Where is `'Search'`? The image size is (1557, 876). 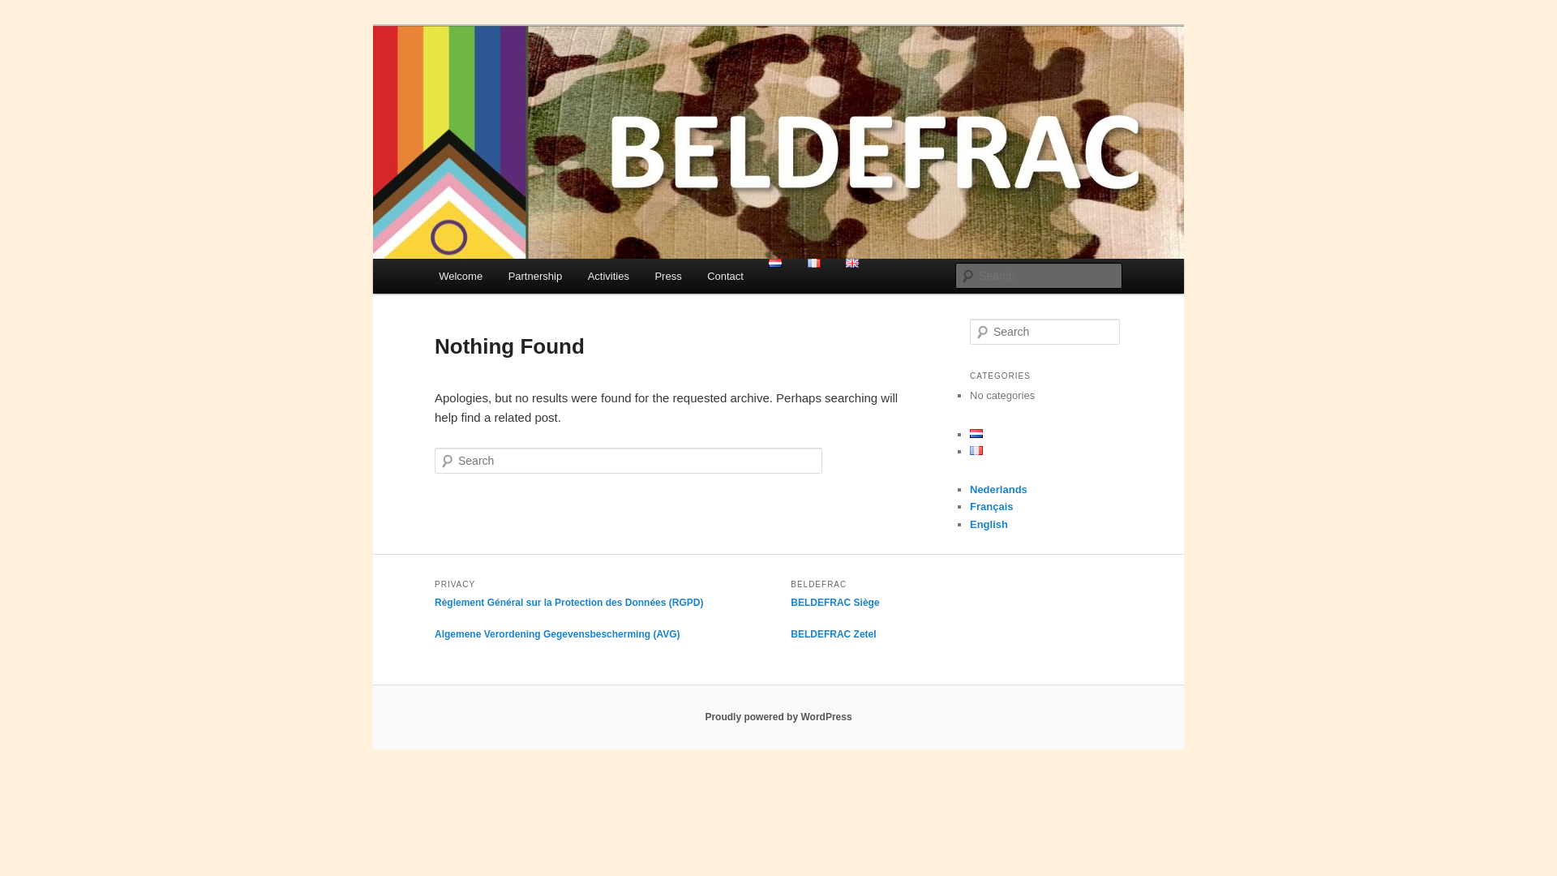
'Search' is located at coordinates (26, 9).